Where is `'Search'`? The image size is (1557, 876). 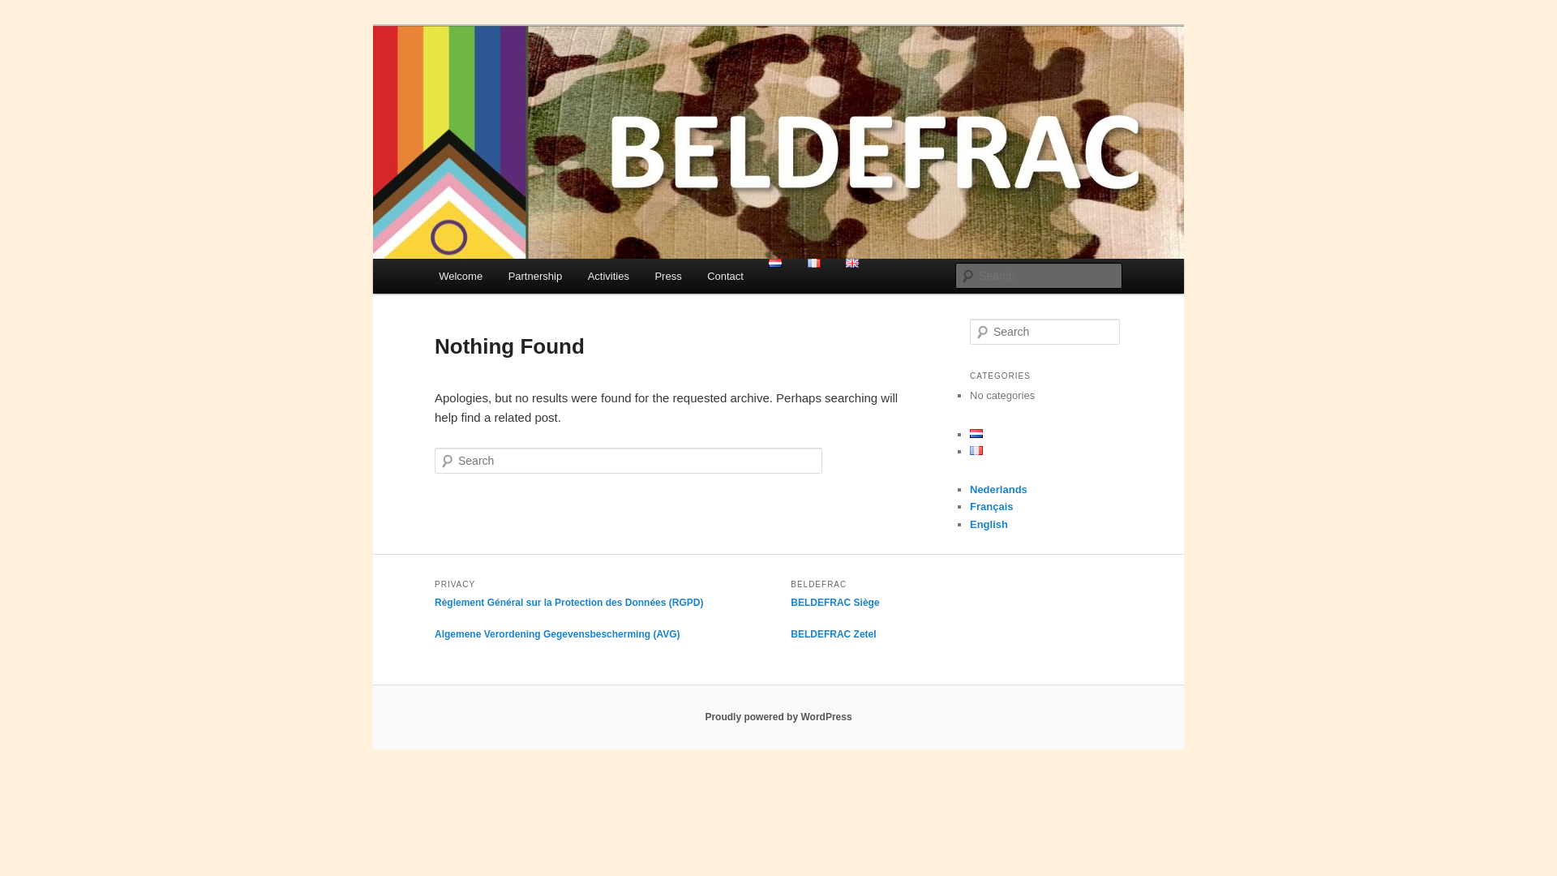
'Search' is located at coordinates (26, 9).